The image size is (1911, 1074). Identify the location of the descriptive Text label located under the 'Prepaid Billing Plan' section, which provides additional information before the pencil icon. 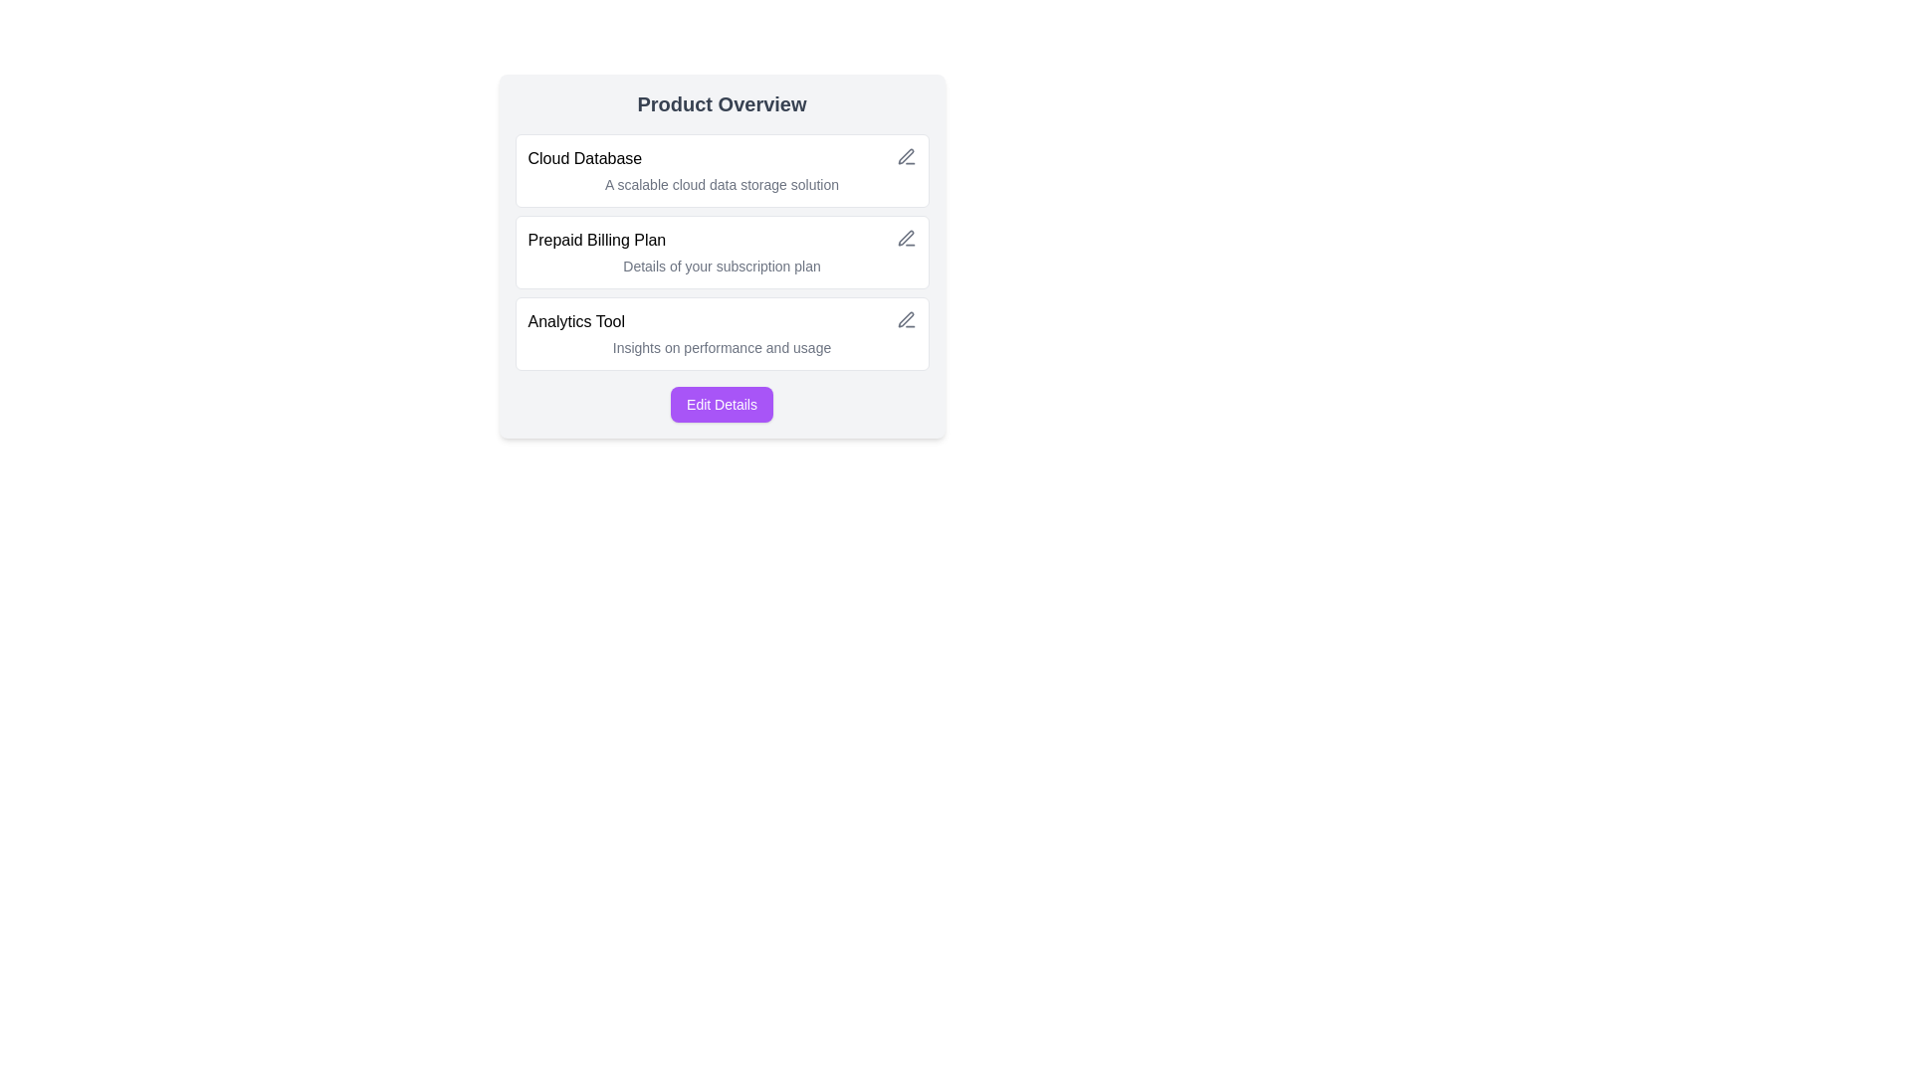
(721, 265).